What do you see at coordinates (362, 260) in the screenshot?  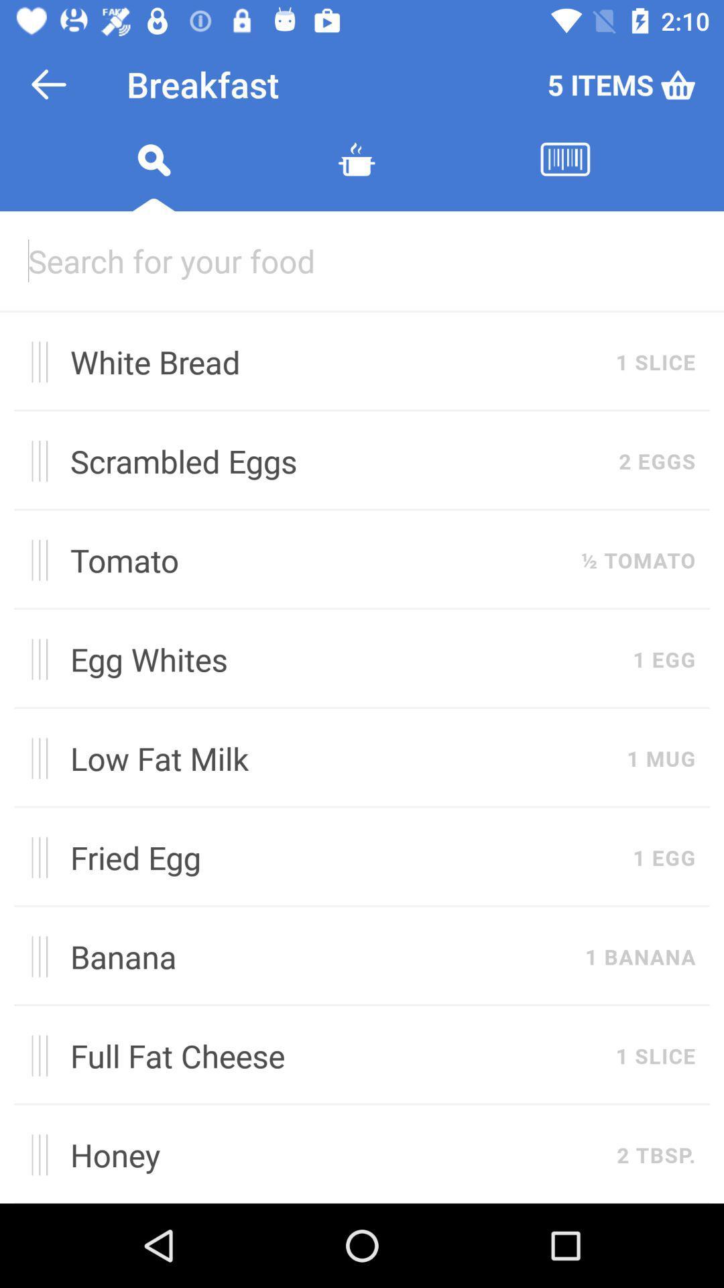 I see `because back devicer` at bounding box center [362, 260].